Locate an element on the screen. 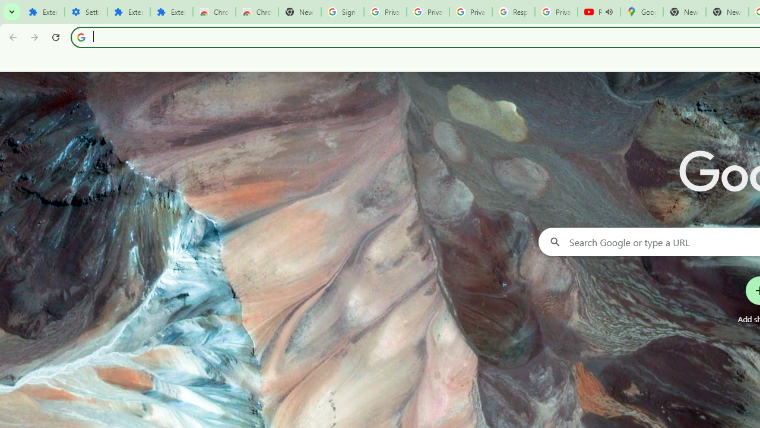 This screenshot has width=760, height=428. 'Sign in - Google Accounts' is located at coordinates (342, 12).